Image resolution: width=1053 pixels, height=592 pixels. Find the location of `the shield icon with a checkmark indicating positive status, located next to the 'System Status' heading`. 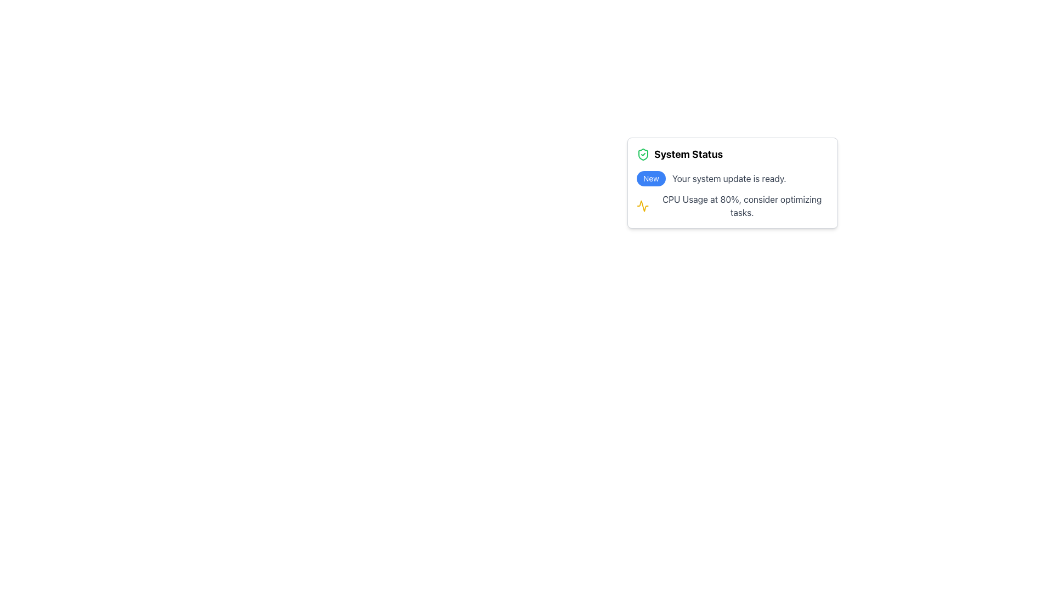

the shield icon with a checkmark indicating positive status, located next to the 'System Status' heading is located at coordinates (643, 154).